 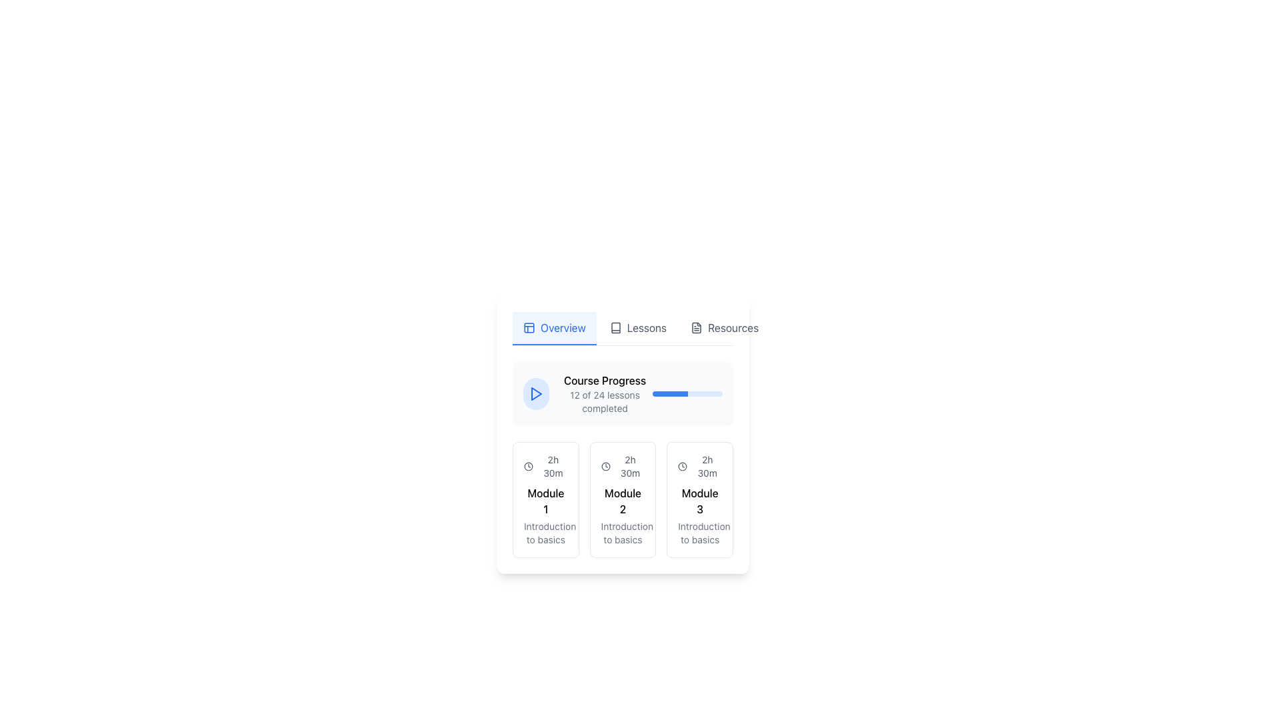 I want to click on the clock icon that indicates the duration of '2h 30m' located in the upper left corner of the text block above the 'Module 2' card, so click(x=605, y=465).